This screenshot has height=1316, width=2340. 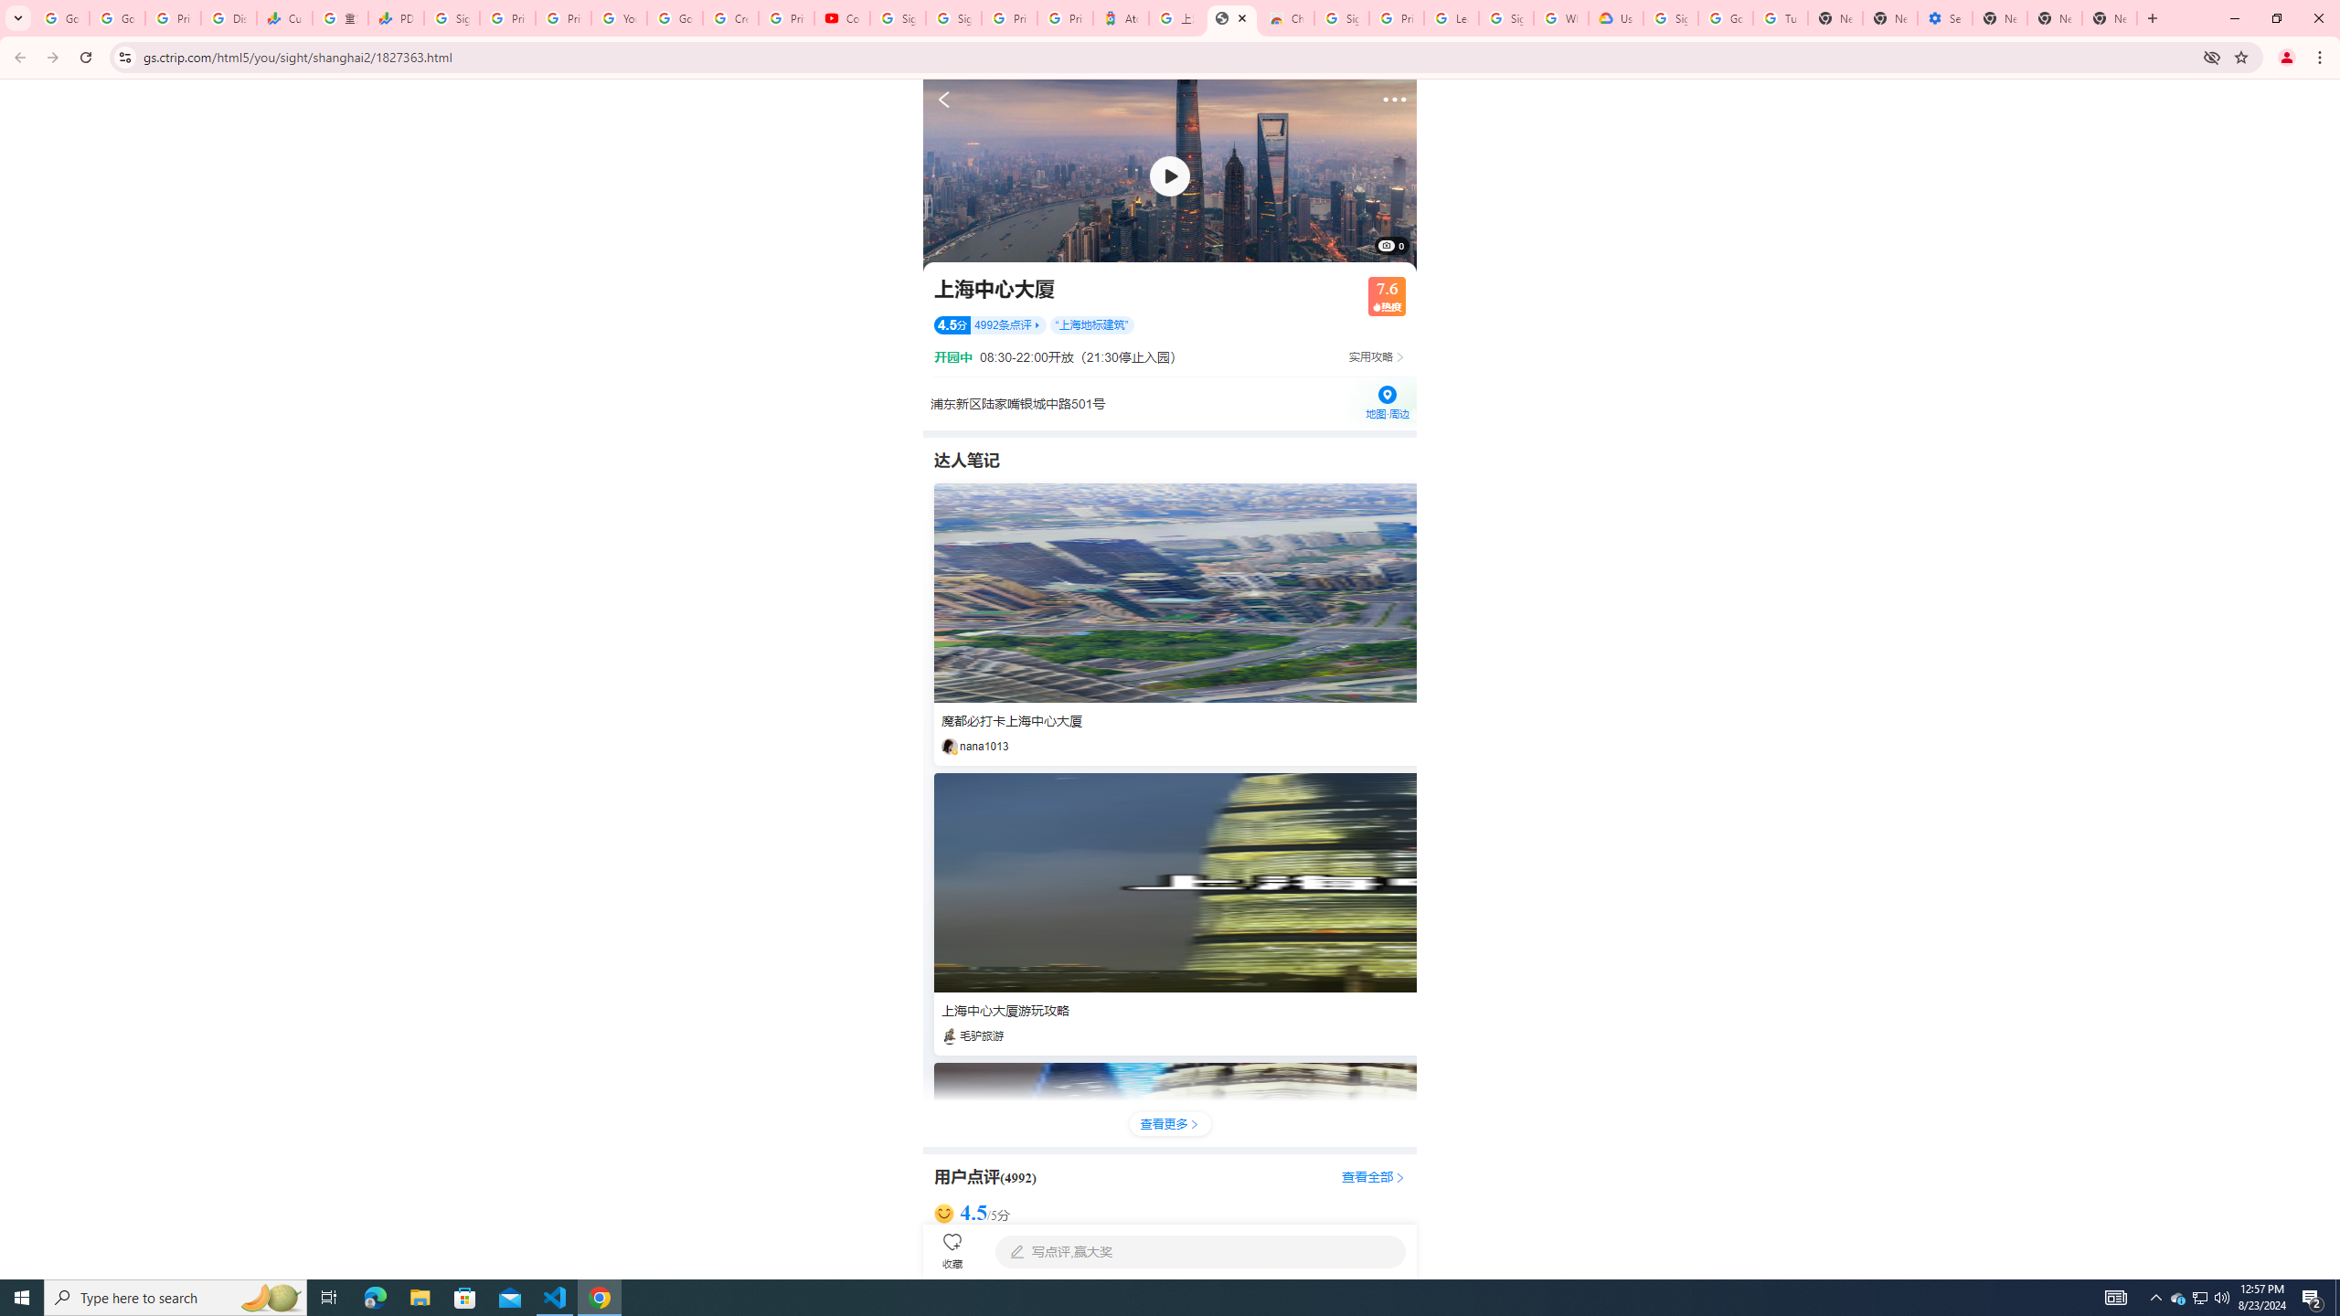 I want to click on 'Forward', so click(x=52, y=57).